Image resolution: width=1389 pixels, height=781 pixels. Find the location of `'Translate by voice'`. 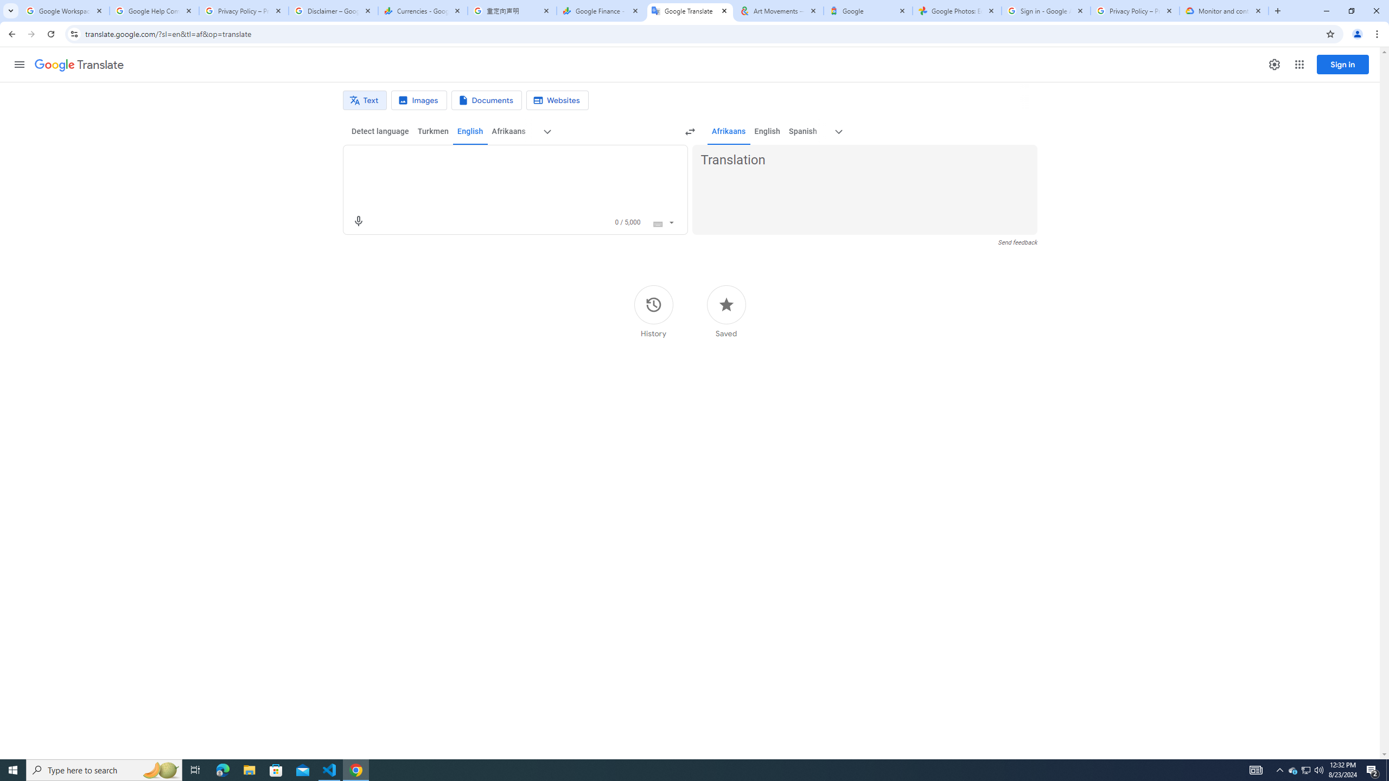

'Translate by voice' is located at coordinates (358, 221).